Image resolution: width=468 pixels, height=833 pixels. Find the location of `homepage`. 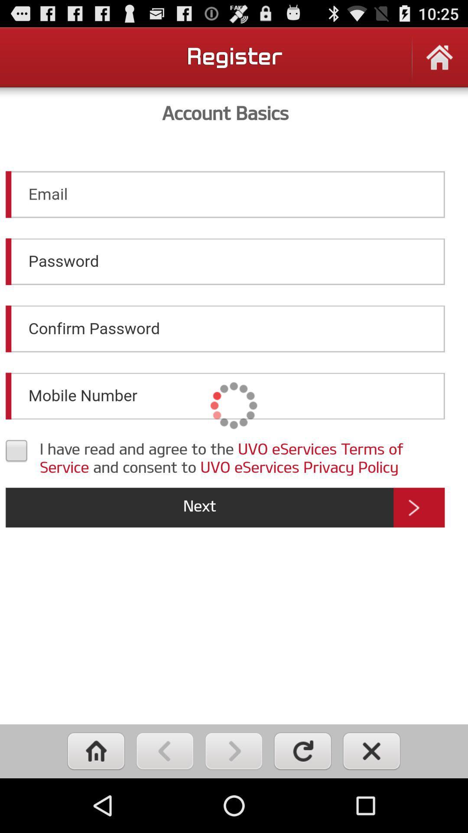

homepage is located at coordinates (439, 62).